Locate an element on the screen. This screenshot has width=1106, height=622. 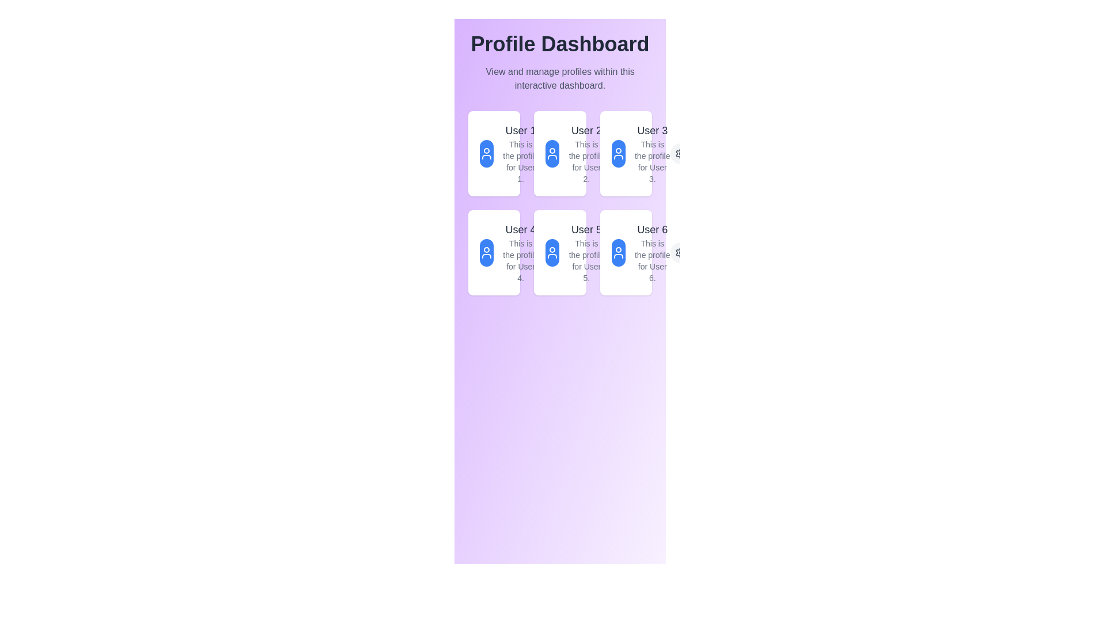
the user profile summary card, which is the fifth item in a 3x2 grid layout is located at coordinates (575, 252).